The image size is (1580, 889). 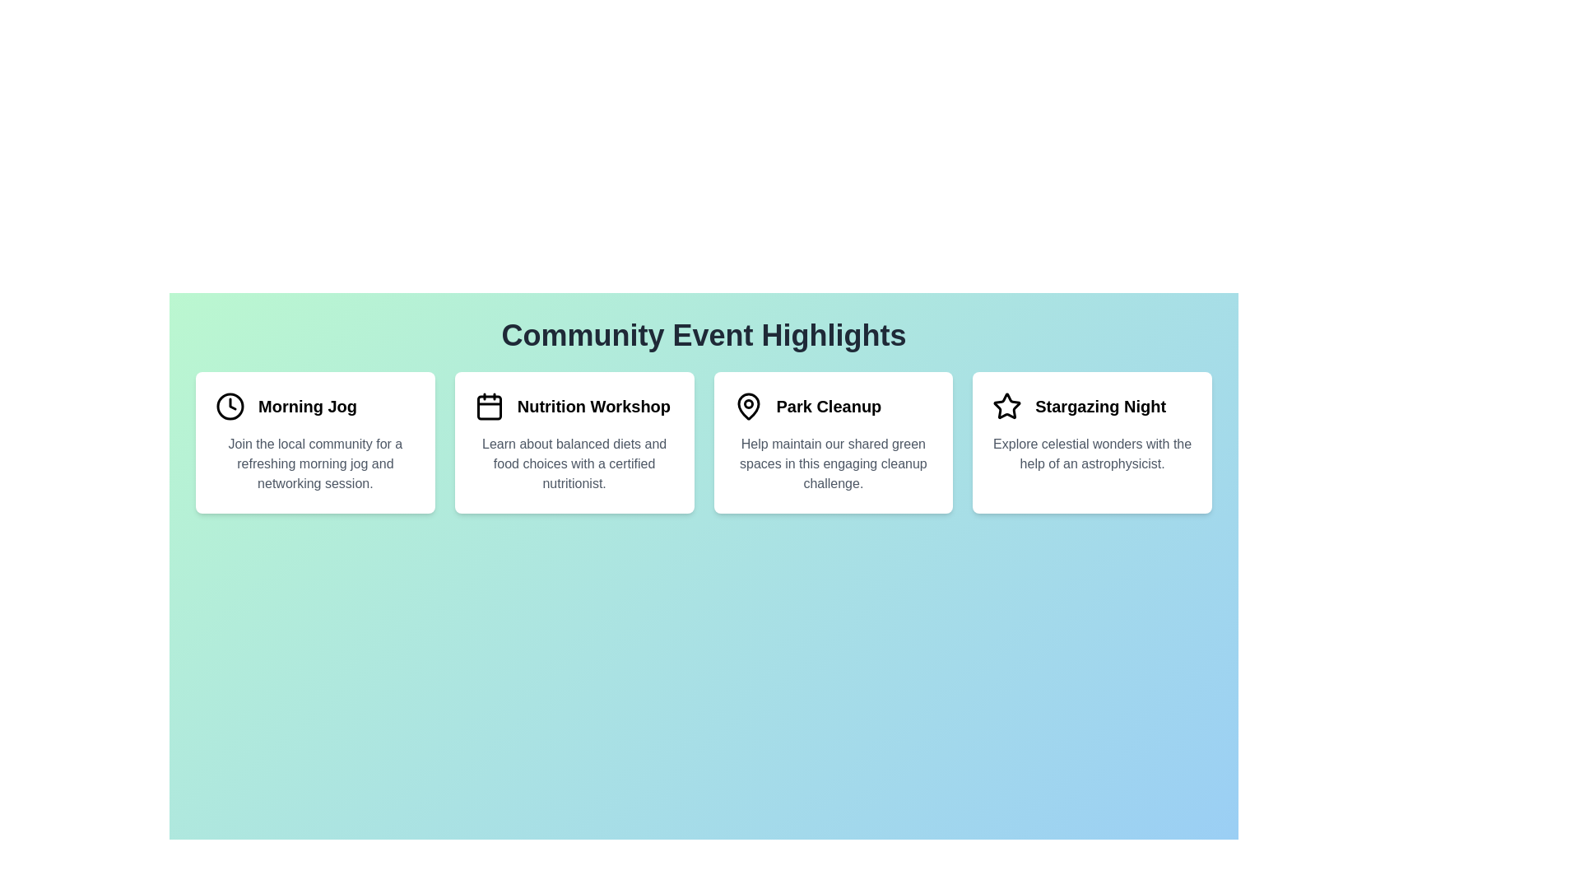 I want to click on text element titled 'Nutrition Workshop' which is centrally positioned in the second column of the layout, located beneath the header 'Community Event Highlights', so click(x=592, y=406).